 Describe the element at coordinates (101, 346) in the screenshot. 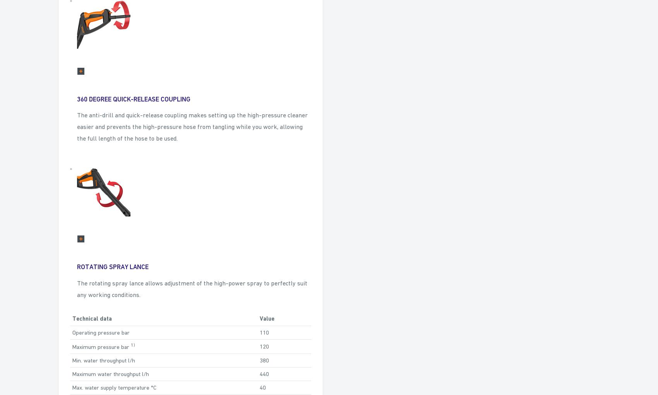

I see `'Maximum pressure bar'` at that location.